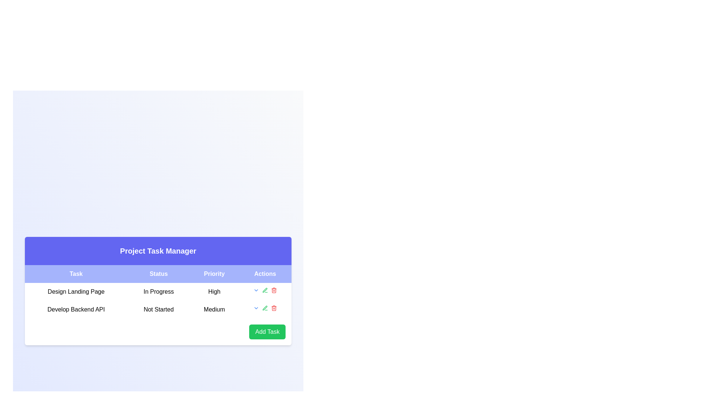 The height and width of the screenshot is (401, 713). Describe the element at coordinates (214, 309) in the screenshot. I see `the 'Priority' label in the second row of the table in the 'Project Task Manager' interface to indicate the task's priority level` at that location.